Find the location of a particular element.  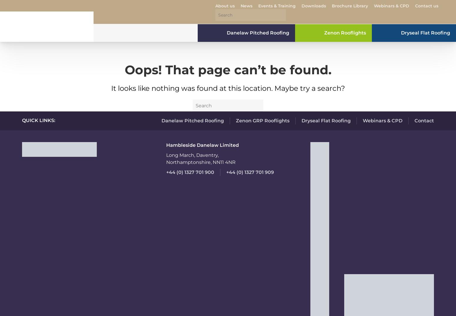

'Contact' is located at coordinates (424, 120).